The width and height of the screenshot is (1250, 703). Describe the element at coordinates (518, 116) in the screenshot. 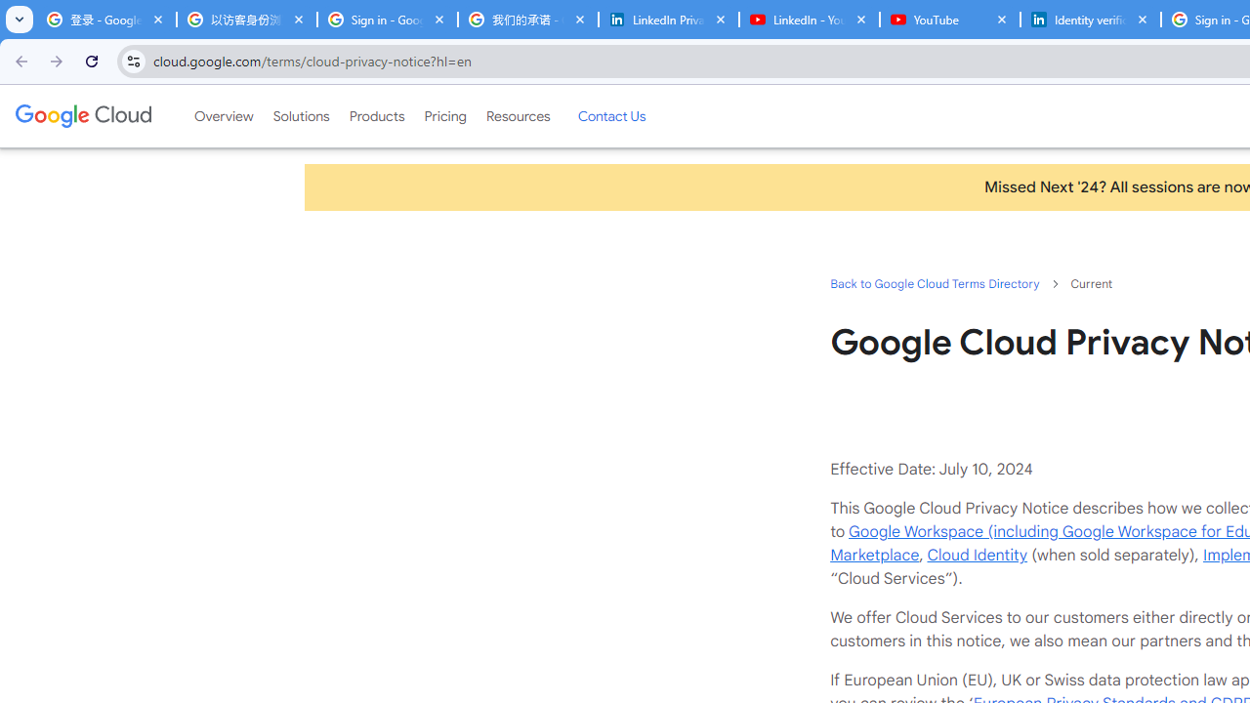

I see `'Resources'` at that location.